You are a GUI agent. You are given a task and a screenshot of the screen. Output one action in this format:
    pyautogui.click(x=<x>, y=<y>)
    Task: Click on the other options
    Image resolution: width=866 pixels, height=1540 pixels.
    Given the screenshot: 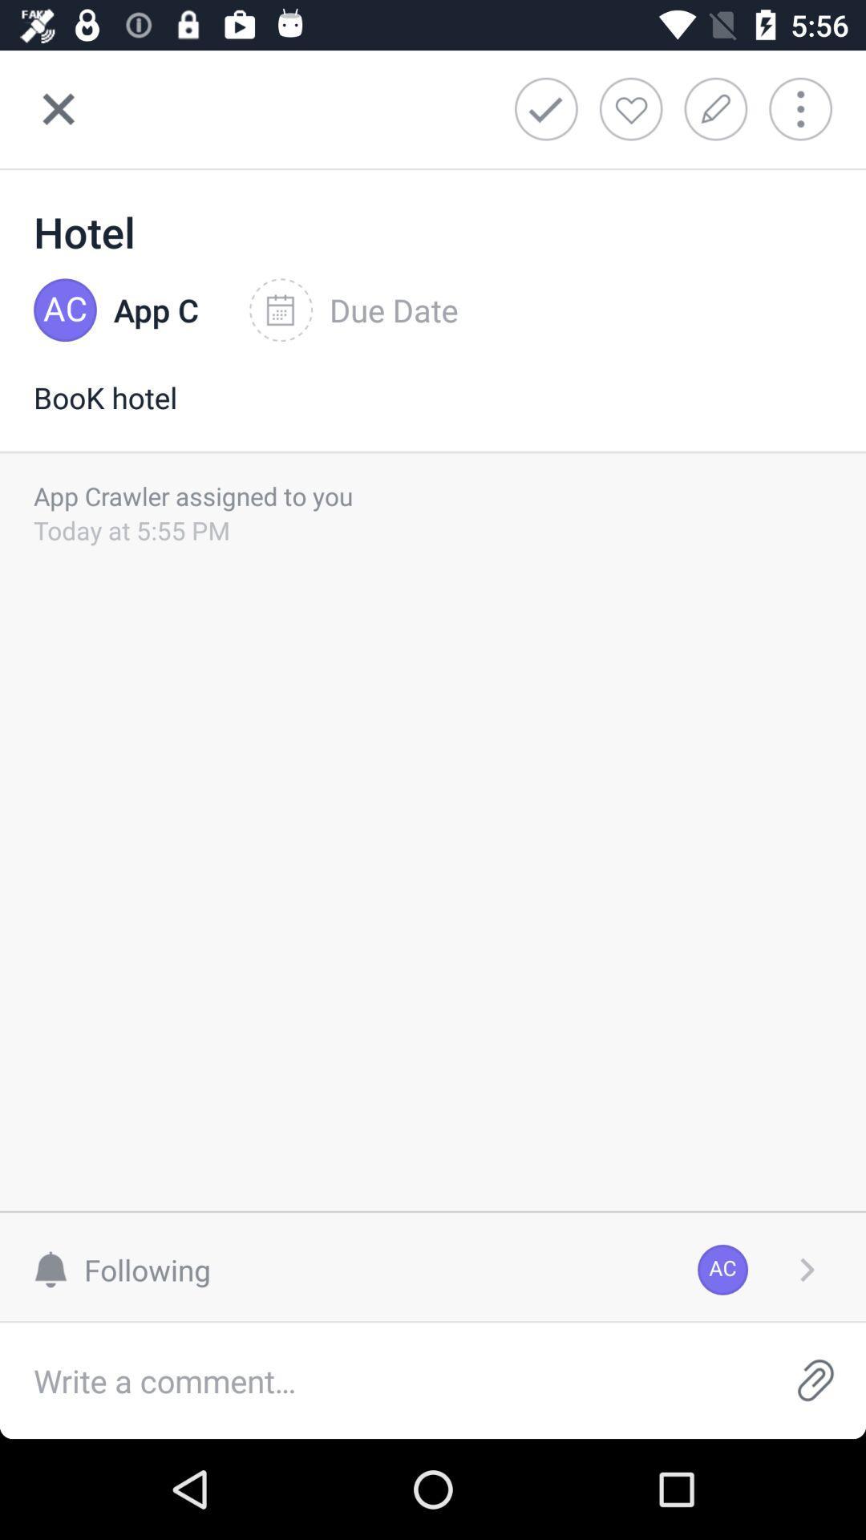 What is the action you would take?
    pyautogui.click(x=811, y=108)
    